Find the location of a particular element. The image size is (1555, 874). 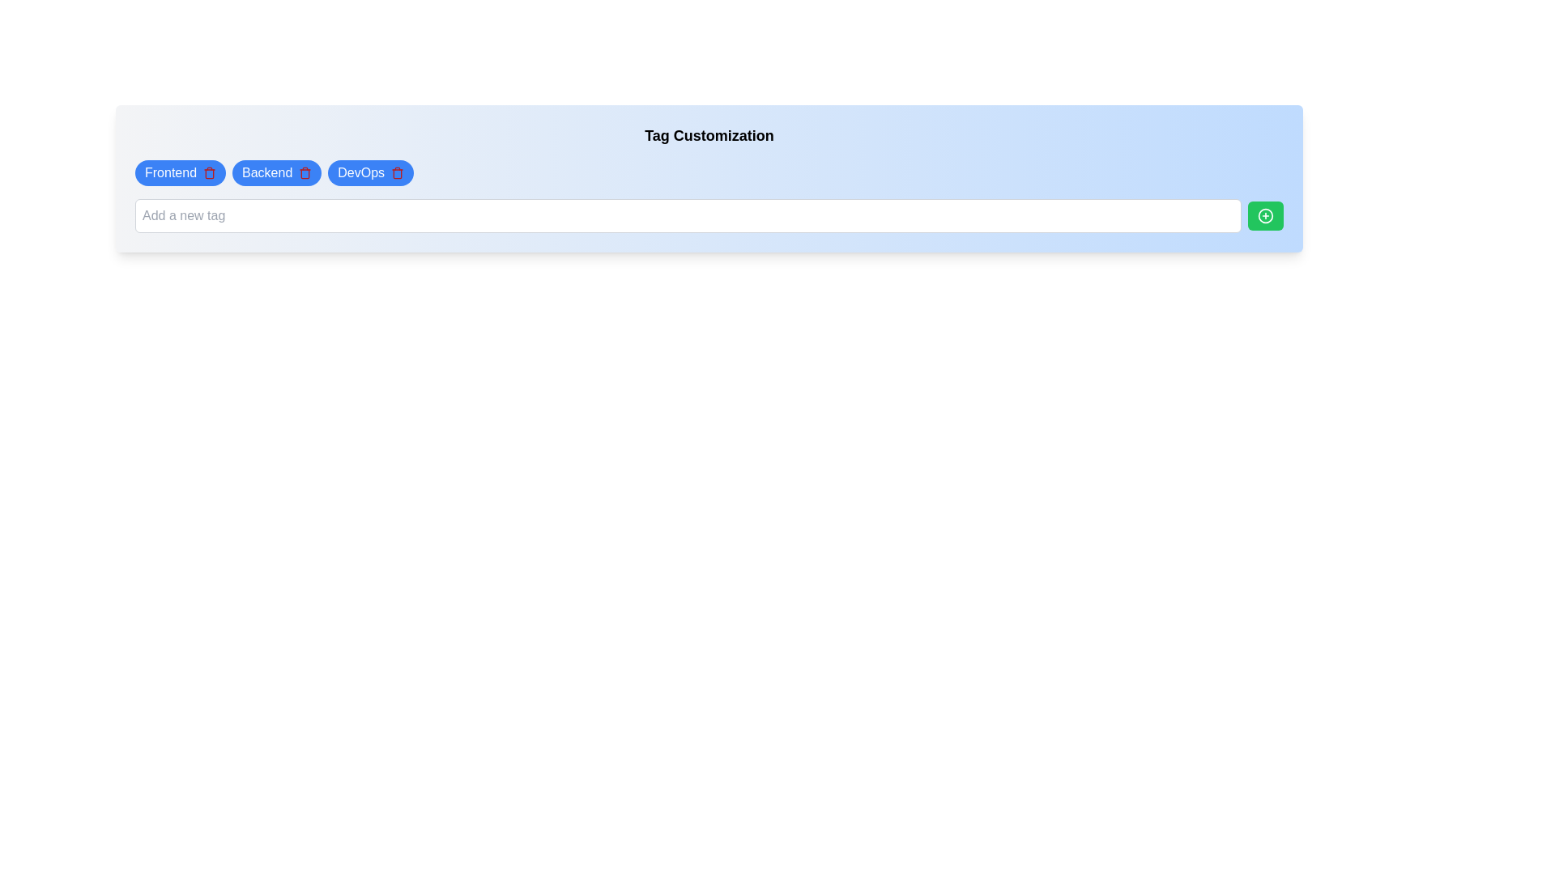

the blue, pill-shaped button labeled 'Frontend' is located at coordinates (181, 172).